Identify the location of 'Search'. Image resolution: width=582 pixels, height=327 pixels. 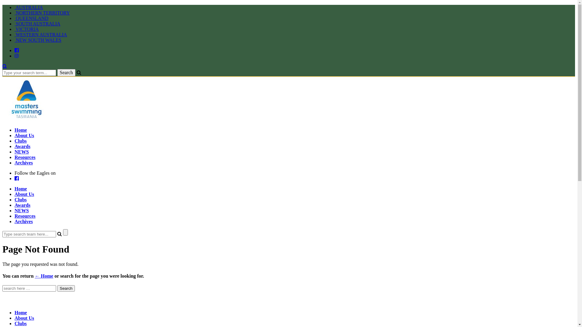
(57, 72).